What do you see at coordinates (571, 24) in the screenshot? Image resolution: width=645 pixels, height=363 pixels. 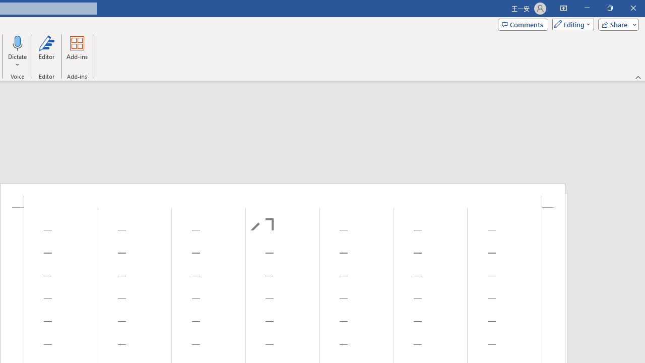 I see `'Mode'` at bounding box center [571, 24].